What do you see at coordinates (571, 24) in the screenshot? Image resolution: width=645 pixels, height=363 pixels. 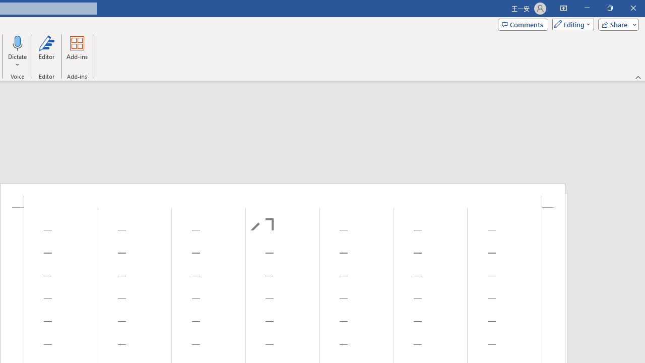 I see `'Mode'` at bounding box center [571, 24].